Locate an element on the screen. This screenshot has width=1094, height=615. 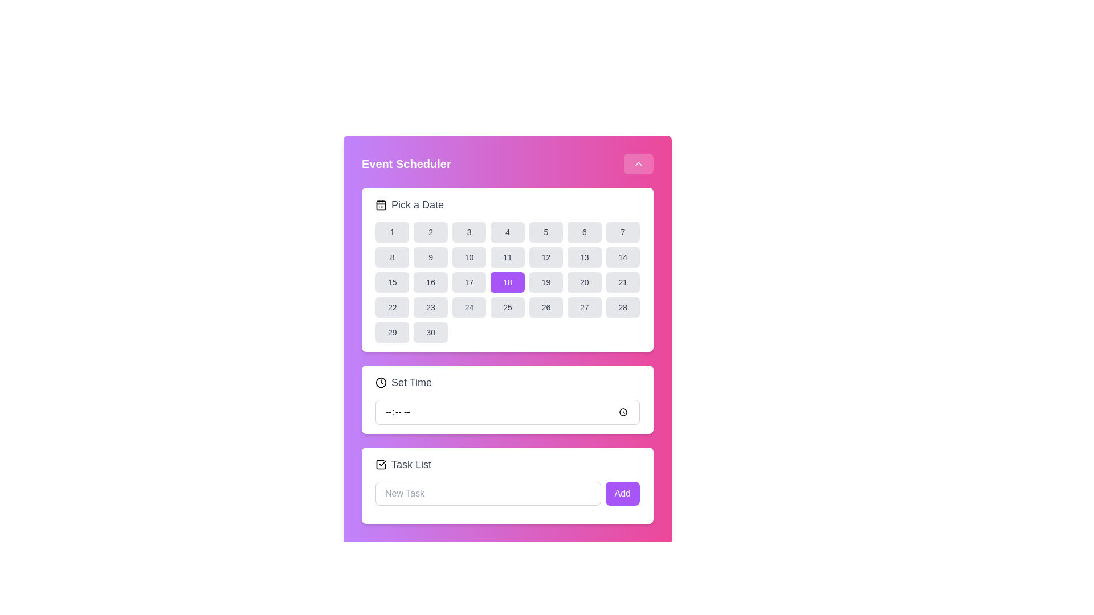
the small rectangular shape with rounded corners inside the calendar SVG icon, which is part of the calendar's frame is located at coordinates (381, 204).